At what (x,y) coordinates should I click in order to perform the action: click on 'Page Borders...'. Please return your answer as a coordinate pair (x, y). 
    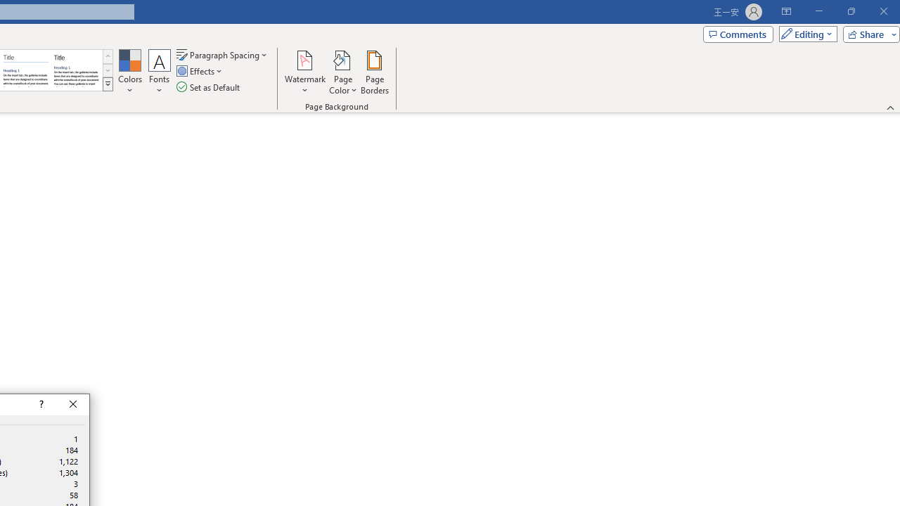
    Looking at the image, I should click on (375, 72).